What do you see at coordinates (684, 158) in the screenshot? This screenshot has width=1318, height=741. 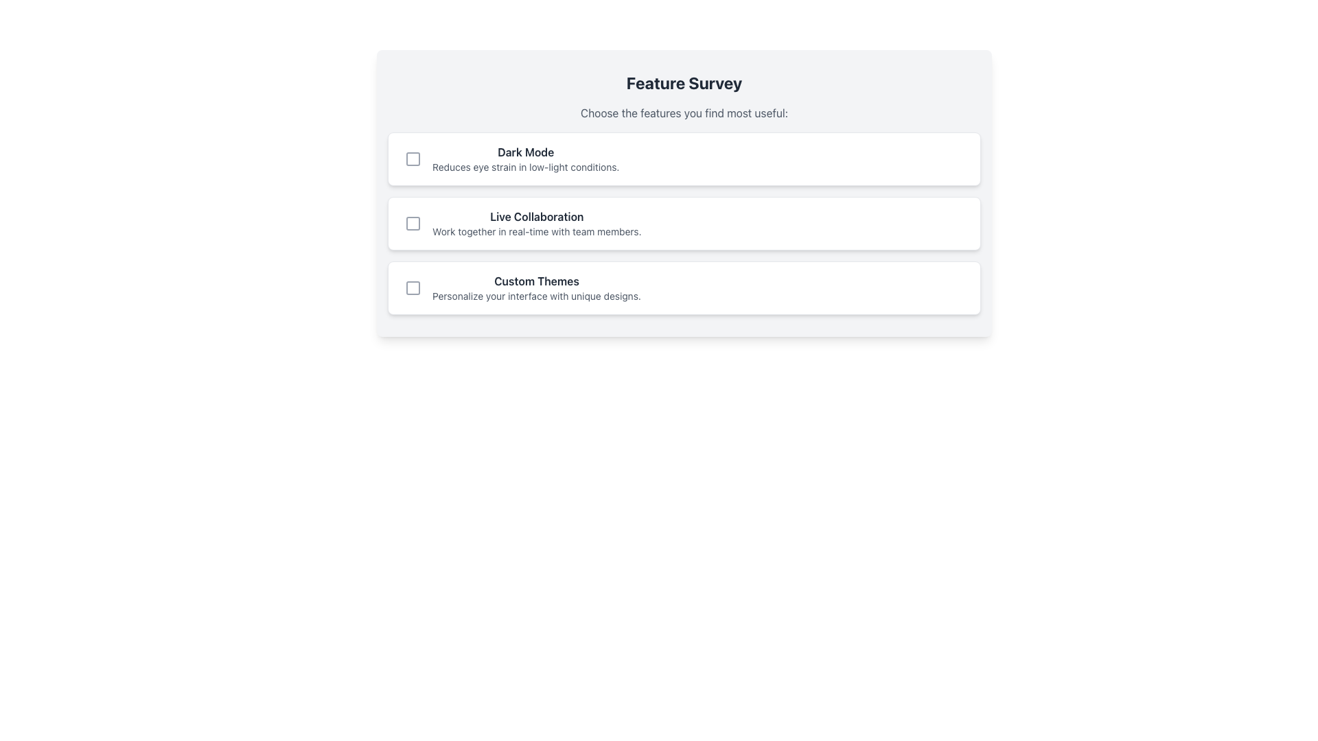 I see `the checkbox labeled 'Dark Mode'` at bounding box center [684, 158].